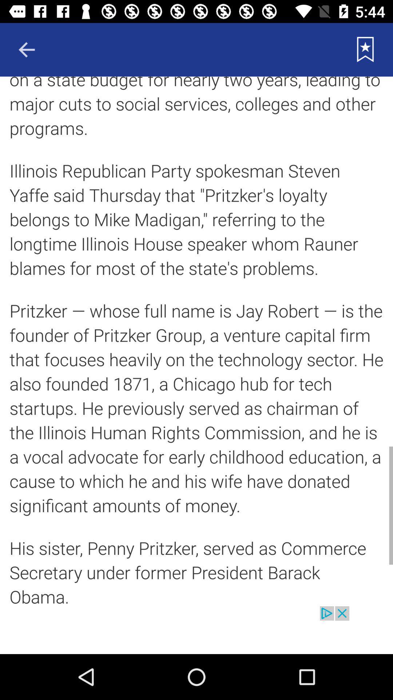 This screenshot has width=393, height=700. What do you see at coordinates (26, 49) in the screenshot?
I see `go back` at bounding box center [26, 49].